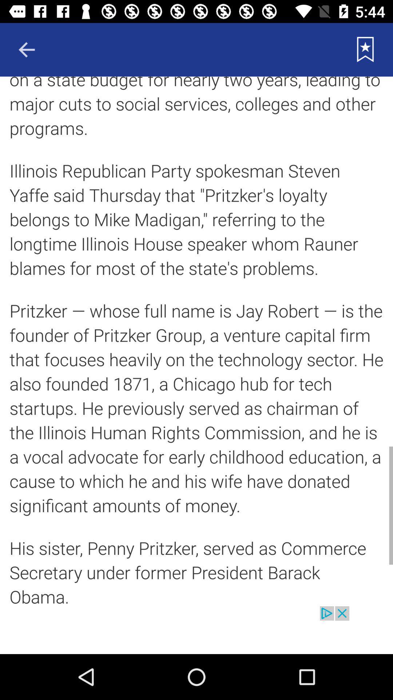 This screenshot has width=393, height=700. What do you see at coordinates (26, 49) in the screenshot?
I see `go back` at bounding box center [26, 49].